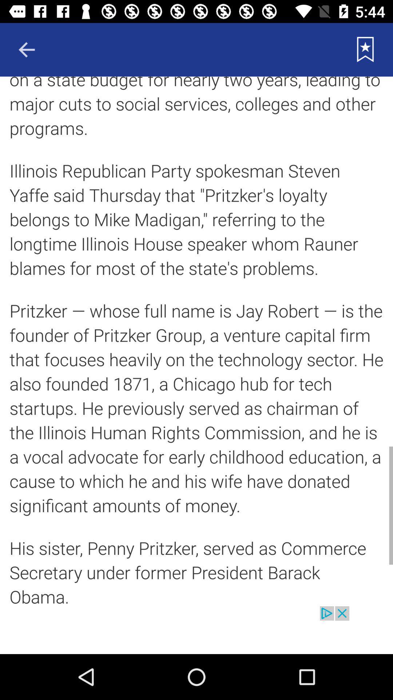 This screenshot has width=393, height=700. What do you see at coordinates (26, 49) in the screenshot?
I see `go back` at bounding box center [26, 49].